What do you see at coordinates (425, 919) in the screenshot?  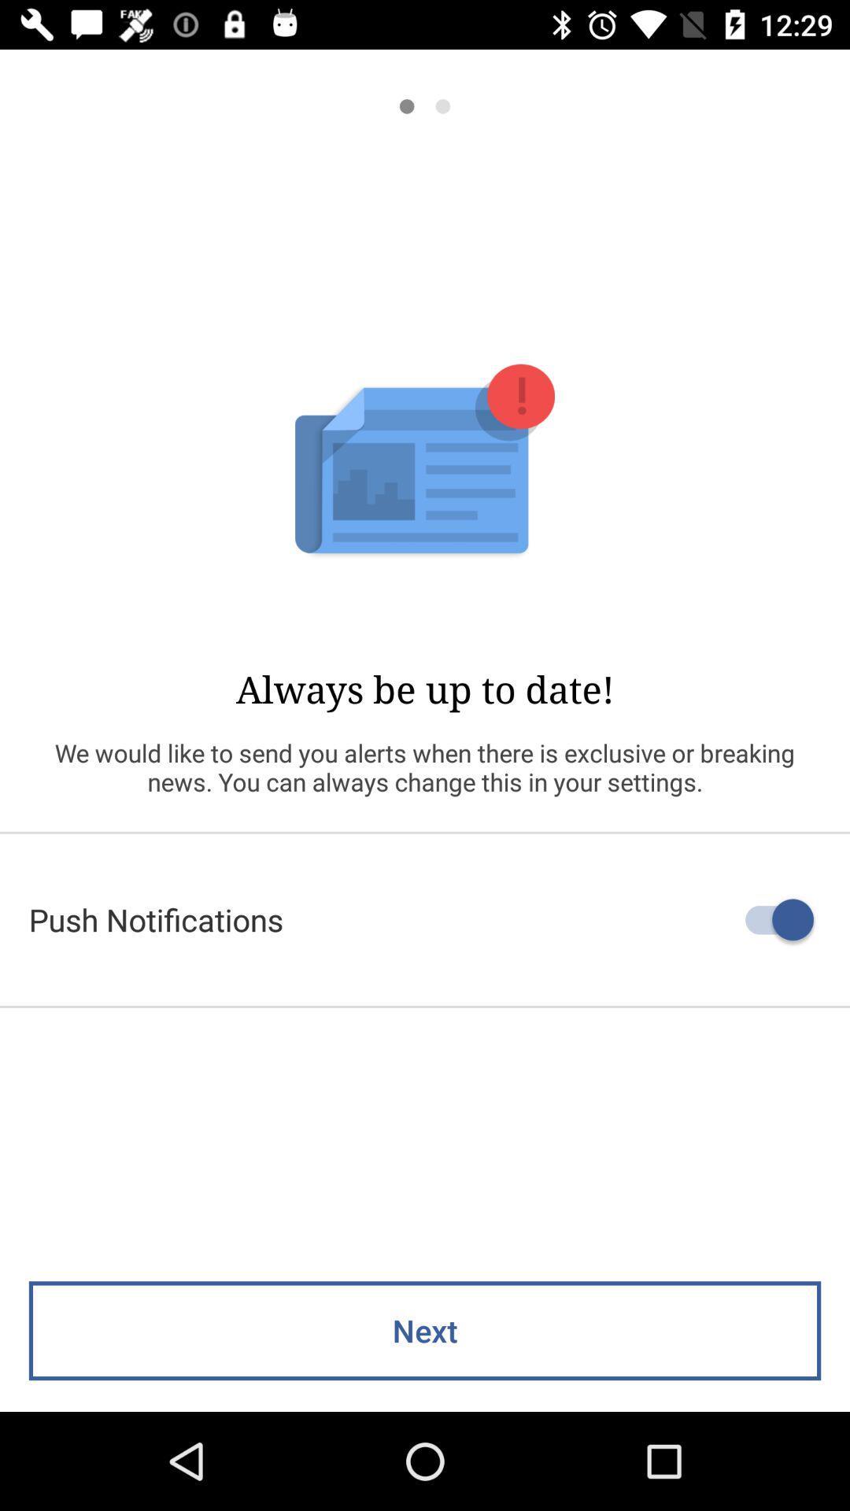 I see `the push notifications icon` at bounding box center [425, 919].